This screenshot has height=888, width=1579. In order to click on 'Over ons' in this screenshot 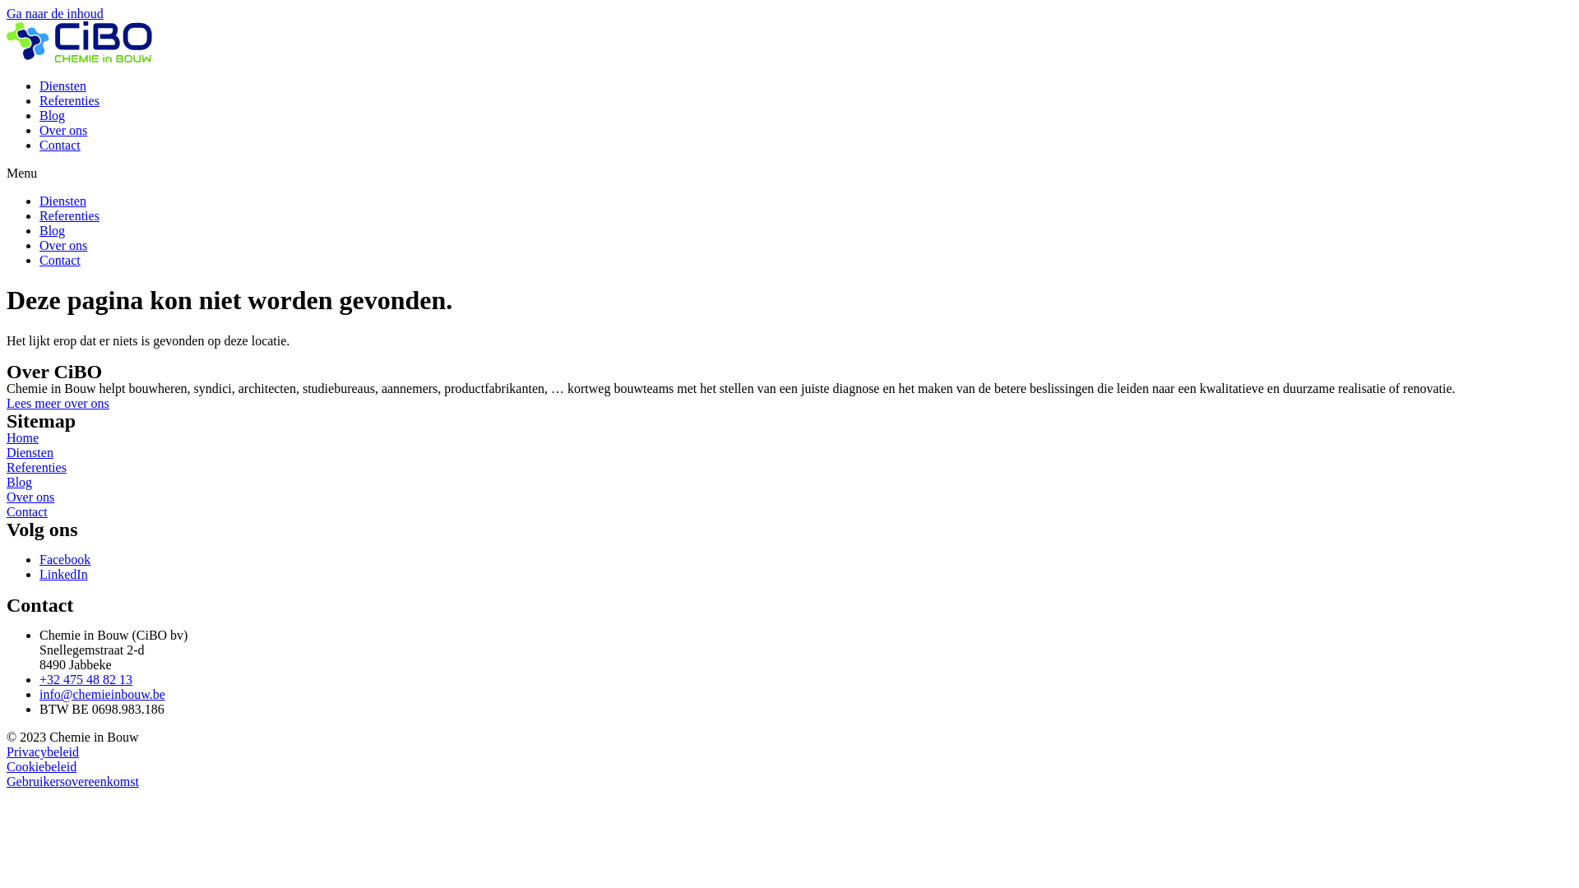, I will do `click(63, 129)`.